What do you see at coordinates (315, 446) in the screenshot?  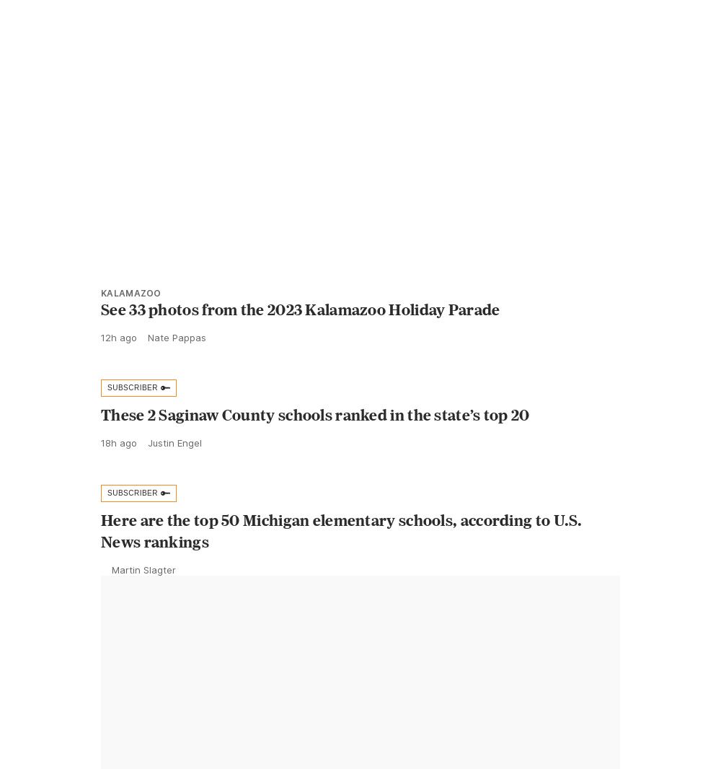 I see `'These 2 Saginaw County schools ranked in the state’s top 20'` at bounding box center [315, 446].